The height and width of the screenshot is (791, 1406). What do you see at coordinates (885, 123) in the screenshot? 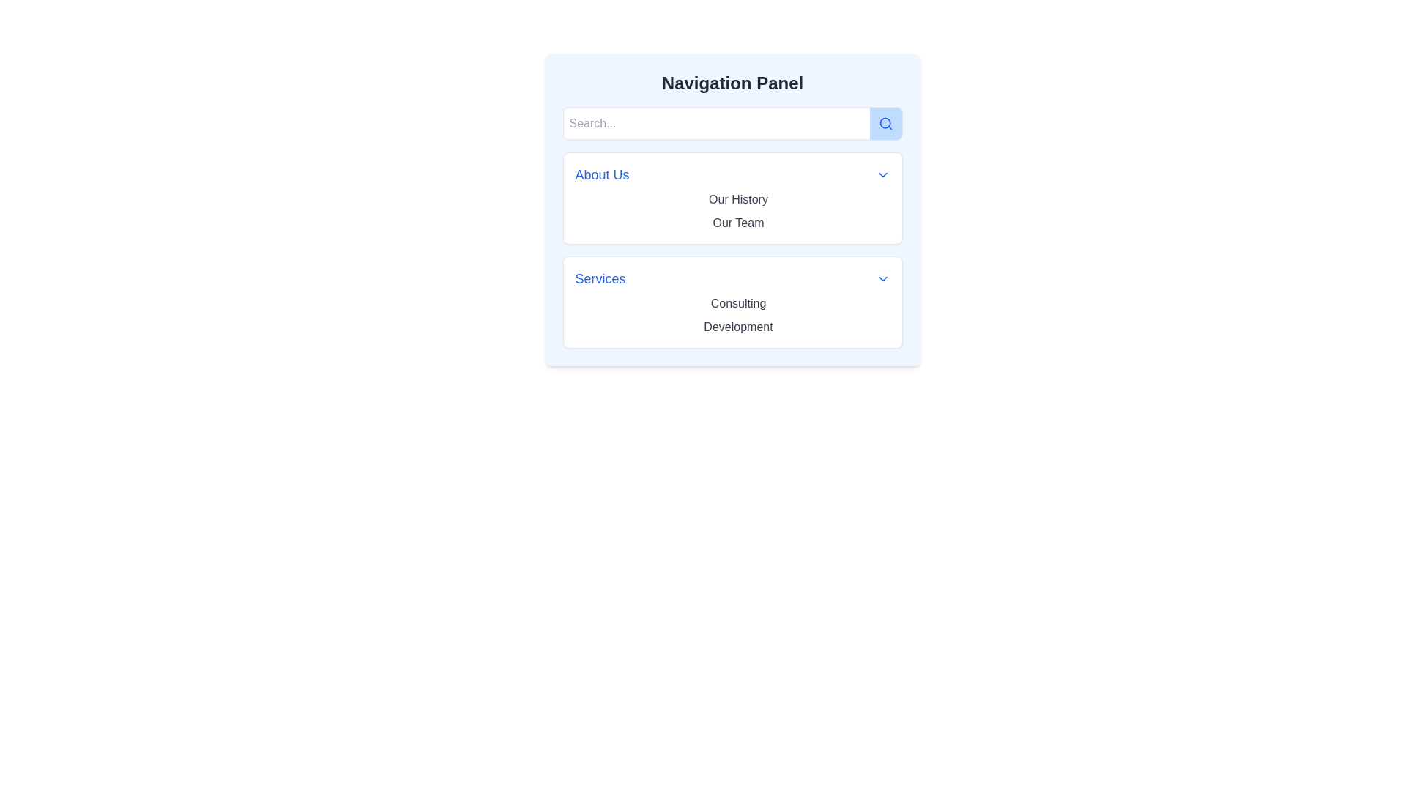
I see `the circular magnifying glass button with a light blue background to initiate a search` at bounding box center [885, 123].